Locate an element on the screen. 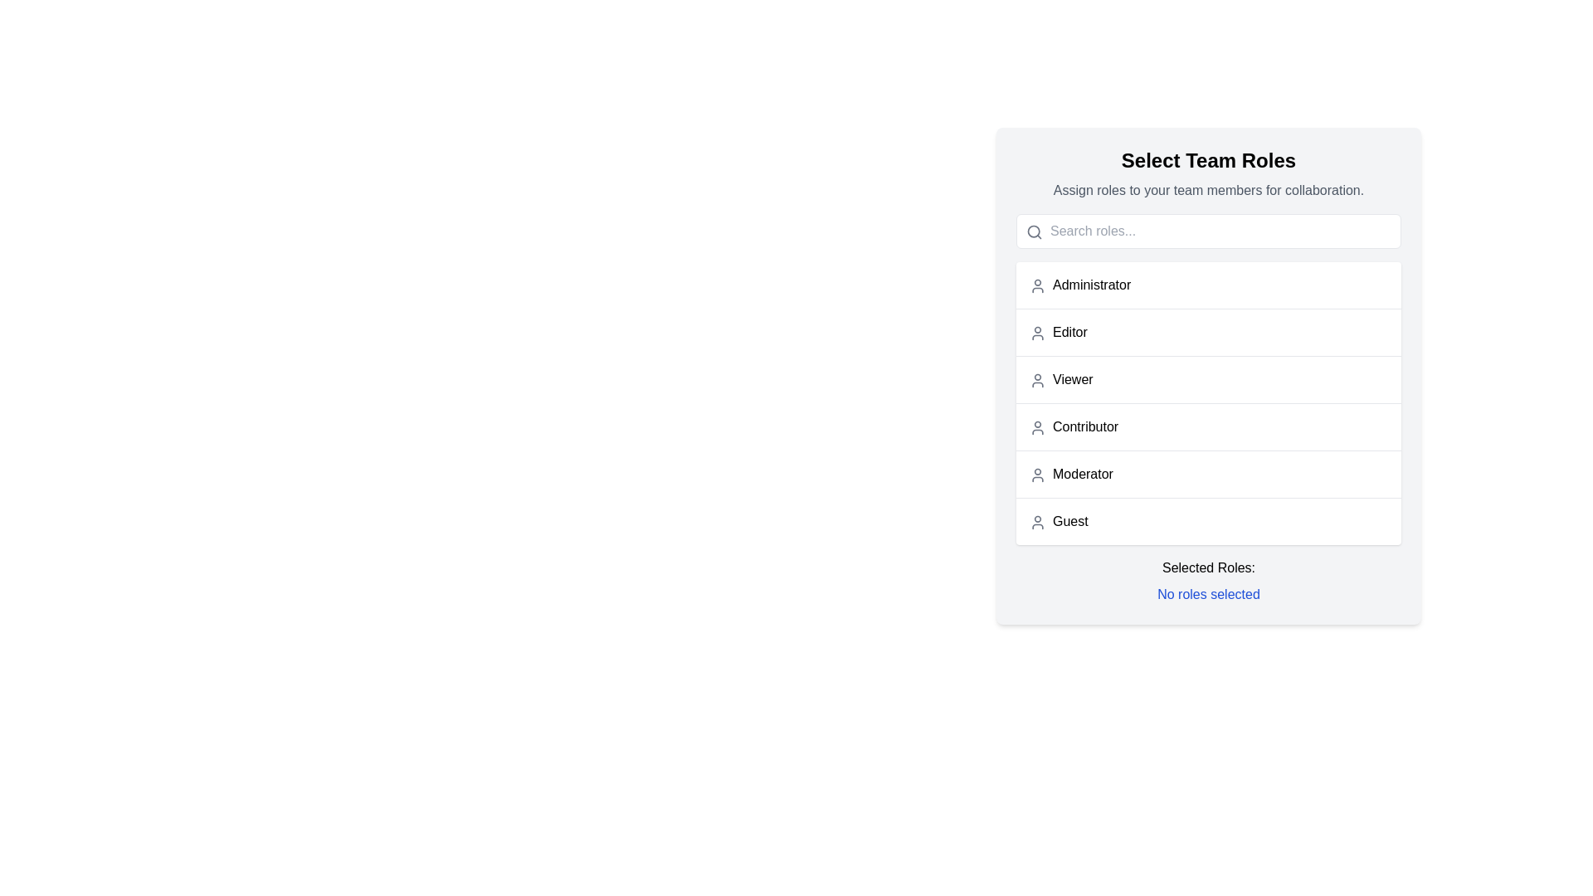  the 'Viewer' role icon located is located at coordinates (1037, 380).